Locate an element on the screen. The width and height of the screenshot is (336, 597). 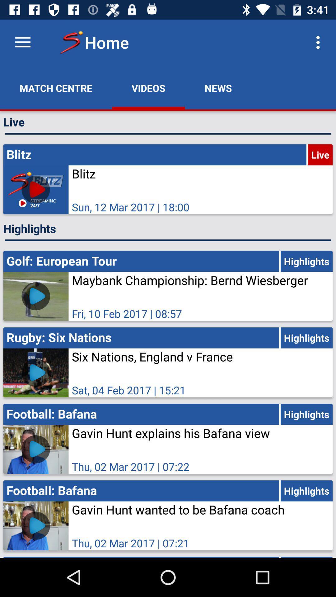
show more options is located at coordinates (22, 42).